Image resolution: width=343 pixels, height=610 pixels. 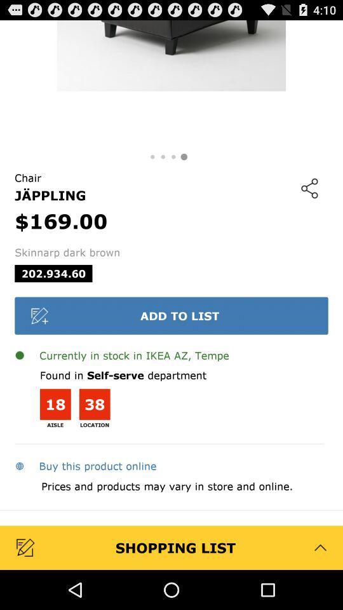 I want to click on the app above prices and products, so click(x=85, y=465).